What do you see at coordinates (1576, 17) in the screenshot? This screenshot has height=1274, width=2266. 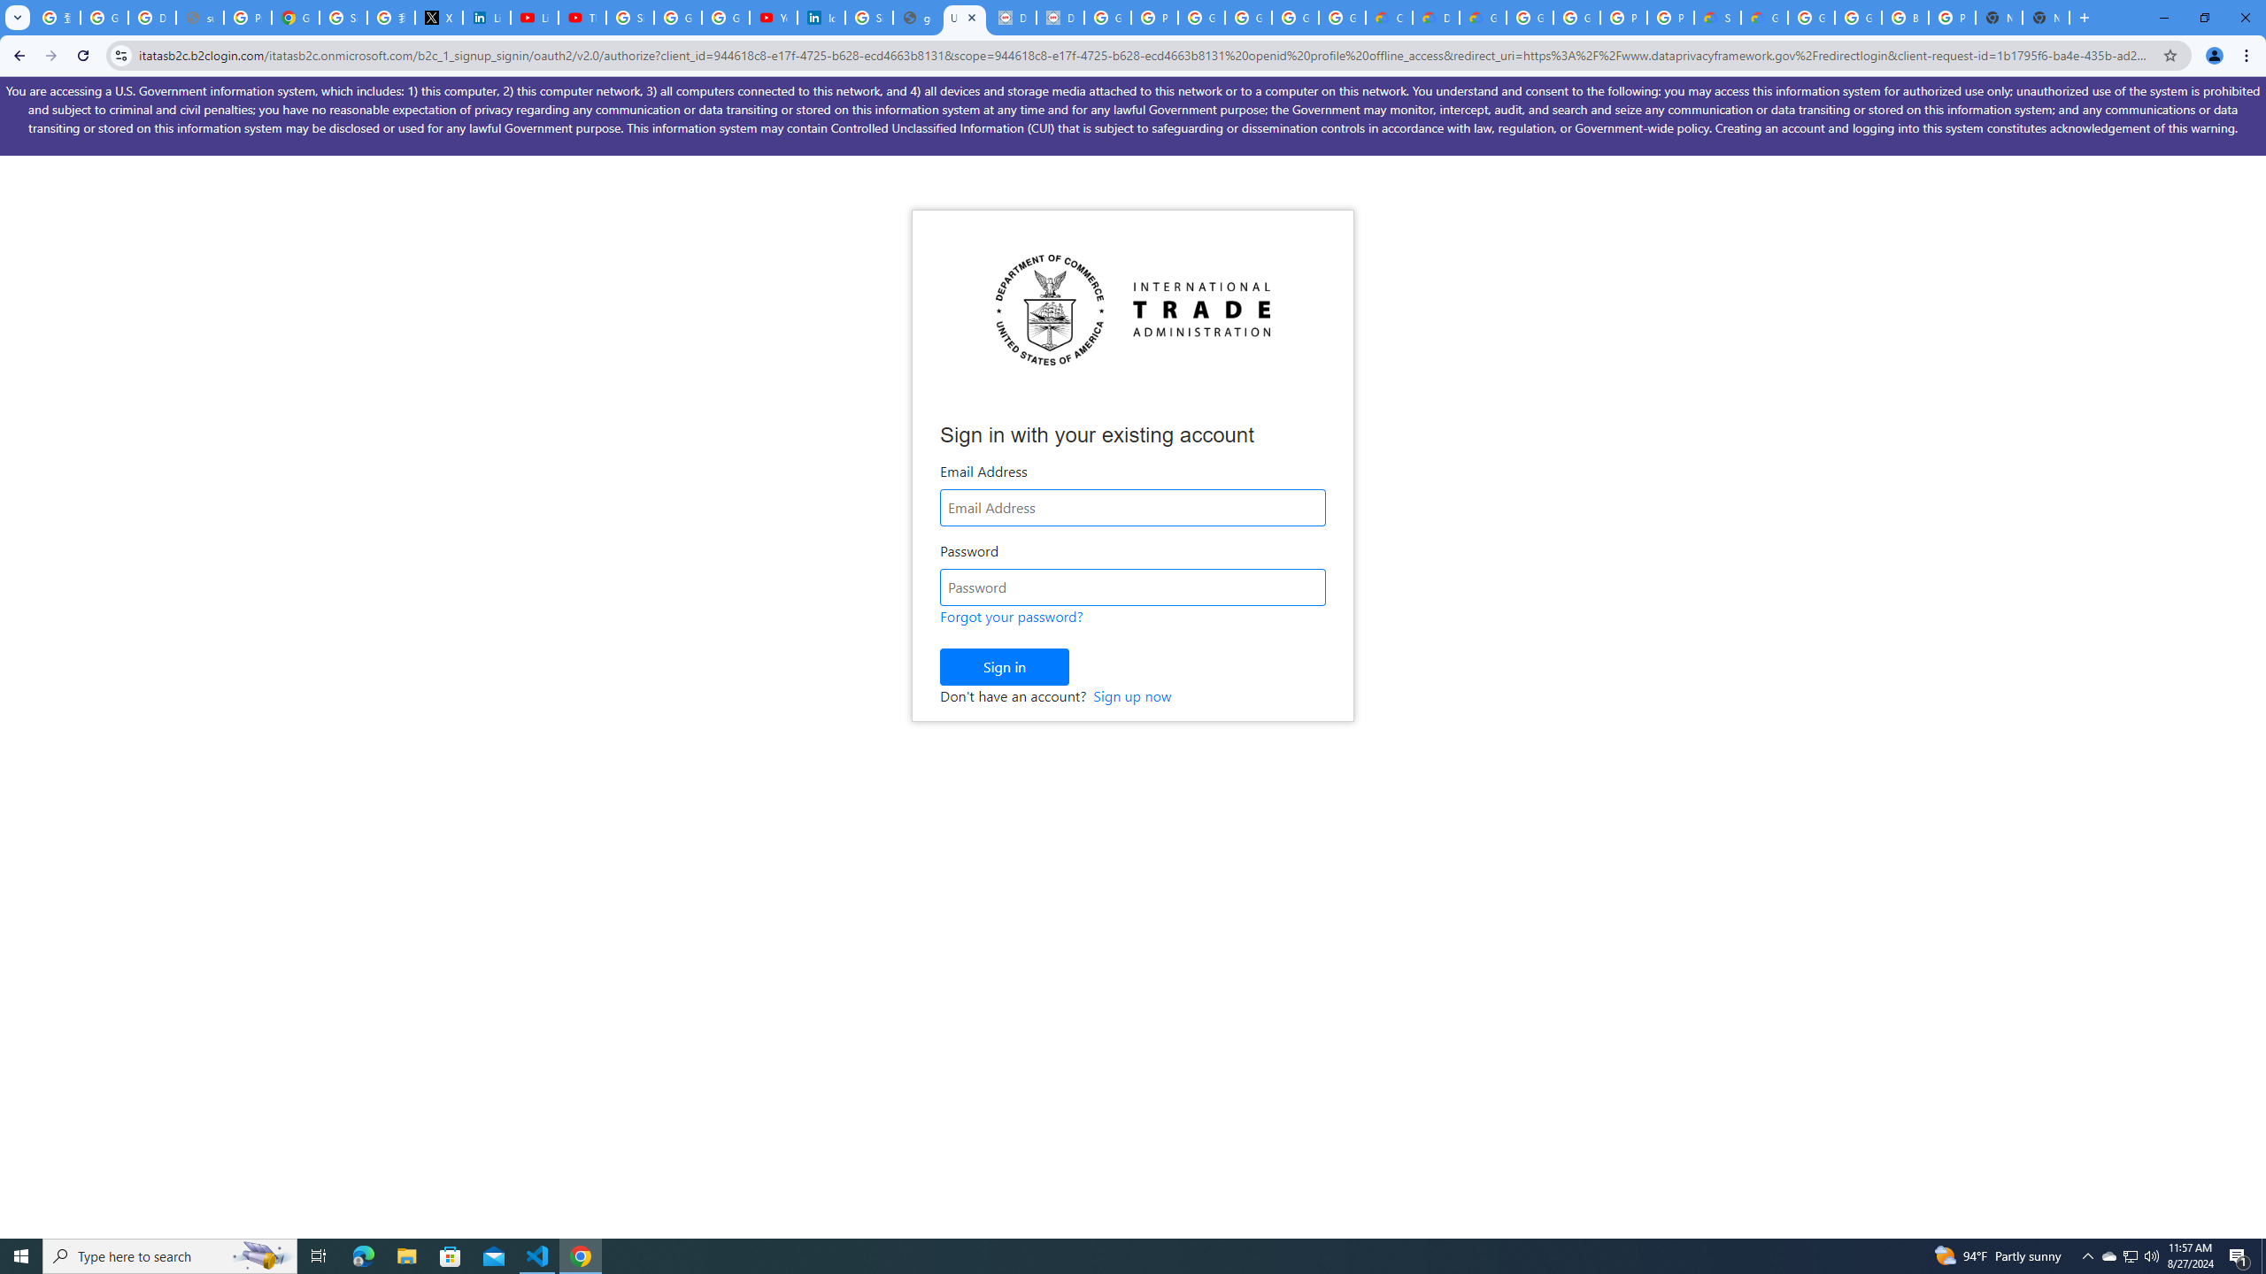 I see `'Google Cloud Platform'` at bounding box center [1576, 17].